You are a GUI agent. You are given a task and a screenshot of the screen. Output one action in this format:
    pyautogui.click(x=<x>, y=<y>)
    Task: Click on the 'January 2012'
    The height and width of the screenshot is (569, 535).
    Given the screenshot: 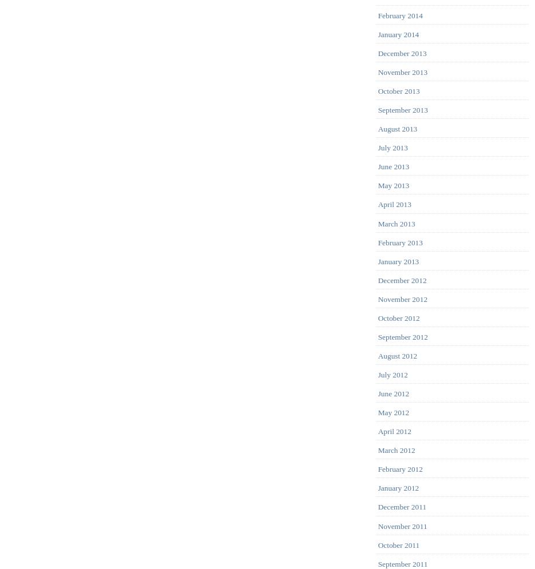 What is the action you would take?
    pyautogui.click(x=398, y=488)
    